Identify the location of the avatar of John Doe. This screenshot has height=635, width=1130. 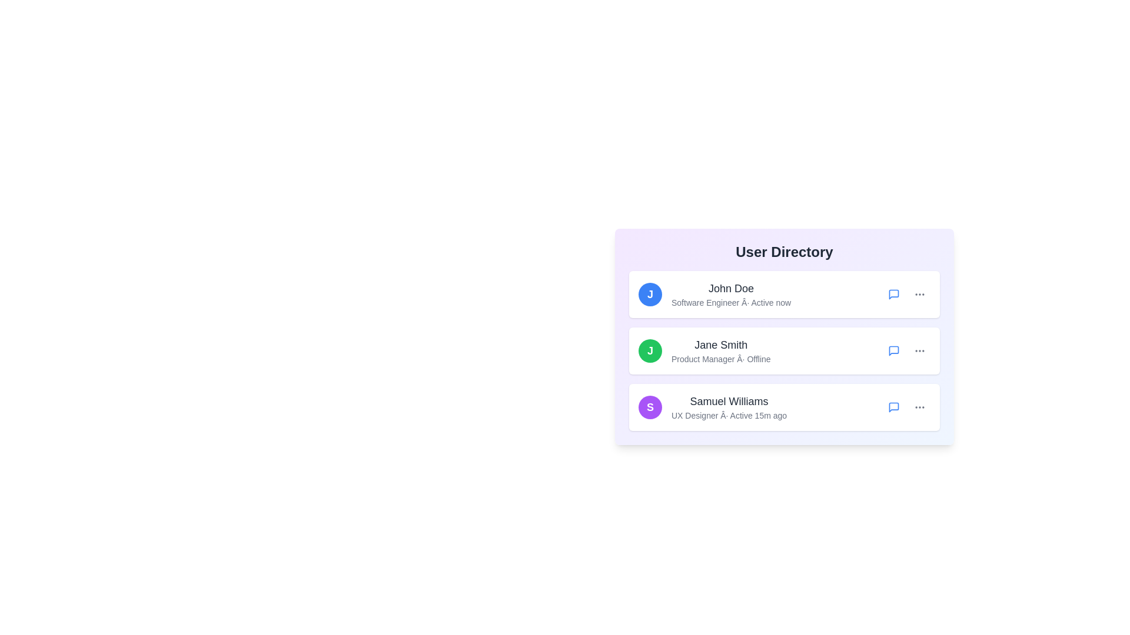
(649, 294).